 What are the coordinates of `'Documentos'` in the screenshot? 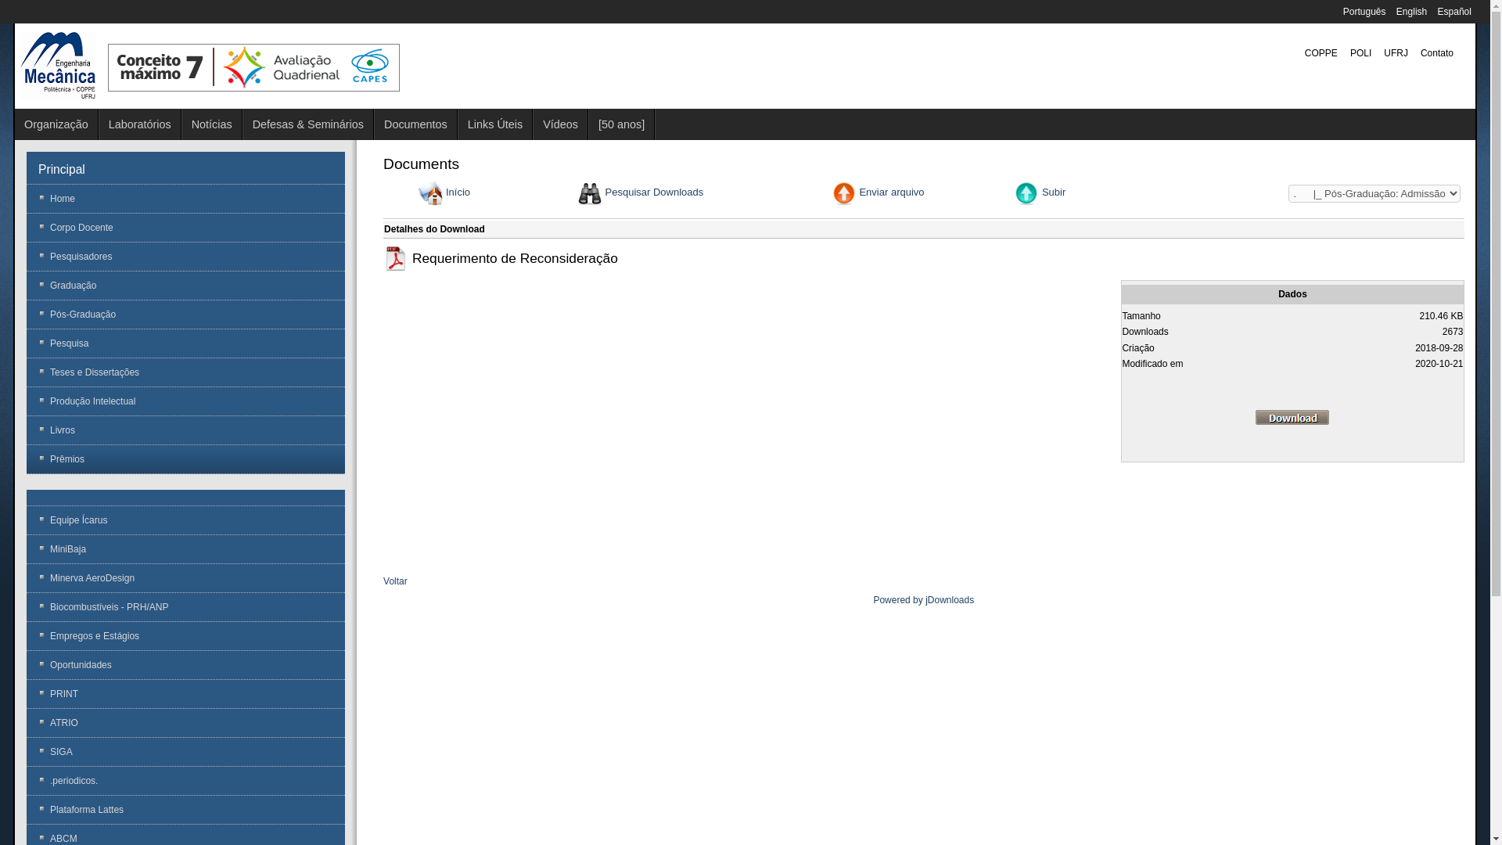 It's located at (416, 123).